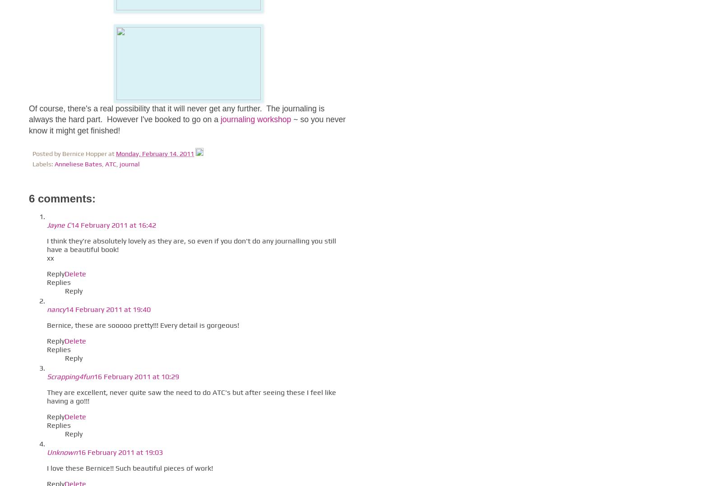 The width and height of the screenshot is (703, 486). I want to click on '14 February 2011 at 19:40', so click(107, 309).